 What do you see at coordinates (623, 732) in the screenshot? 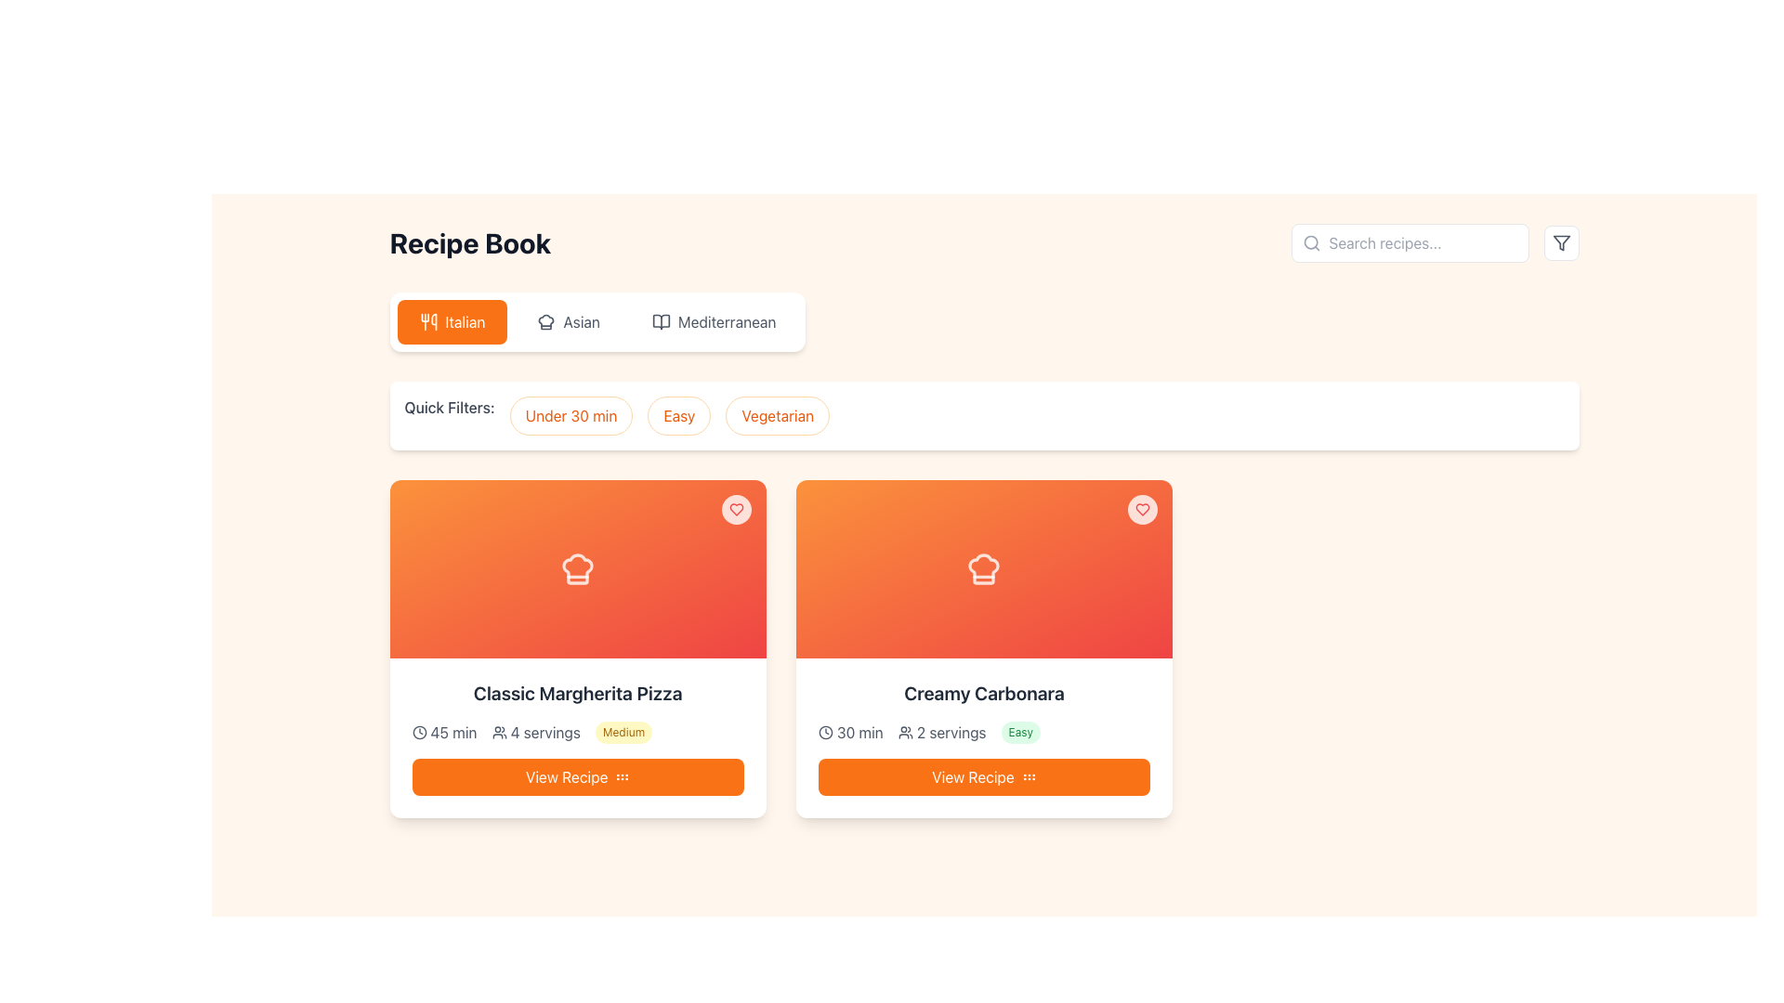
I see `the label styled as a small badge with a yellow background and the text 'Medium', located beneath '45 min' and to the right of '4 servings' in the card titled 'Classic Margherita Pizza'` at bounding box center [623, 732].